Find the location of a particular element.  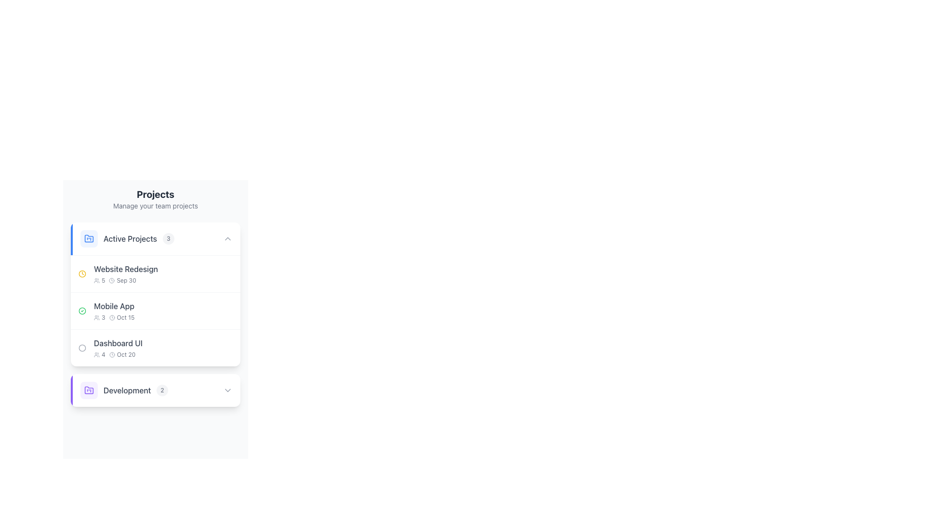

the circular graphic element located to the left of the 'Mobile App' project in the 'Active Projects' section of the list, which serves as a status indicator is located at coordinates (82, 348).